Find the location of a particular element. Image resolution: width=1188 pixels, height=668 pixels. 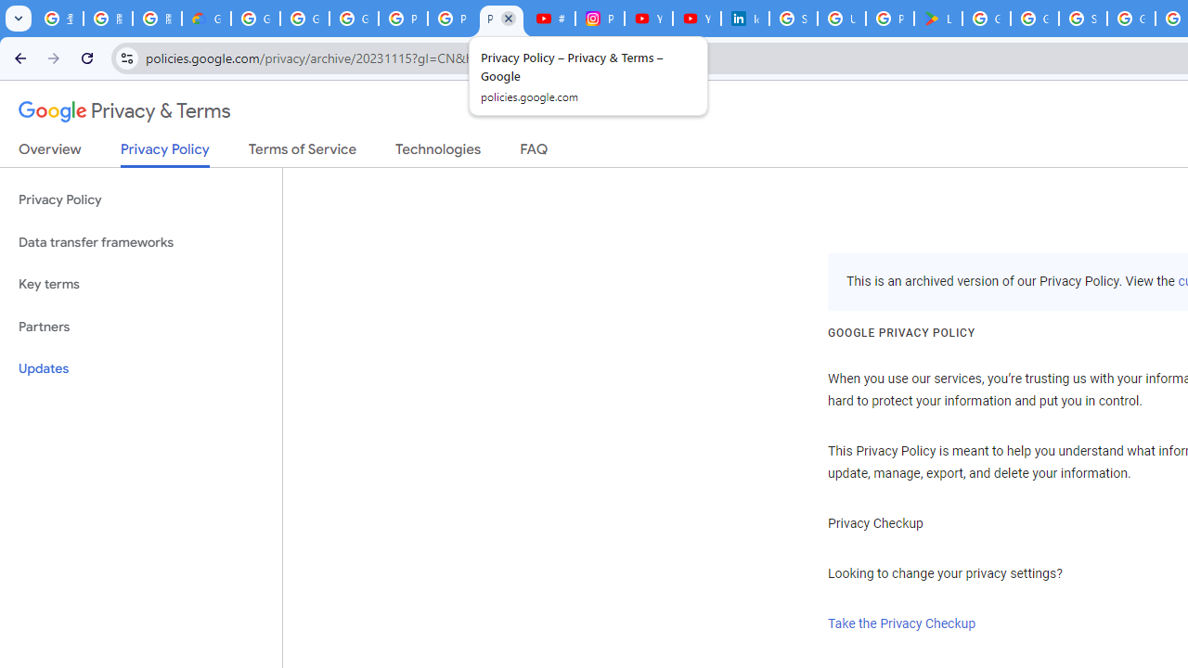

'YouTube Culture & Trends - YouTube Top 10, 2021' is located at coordinates (695, 19).